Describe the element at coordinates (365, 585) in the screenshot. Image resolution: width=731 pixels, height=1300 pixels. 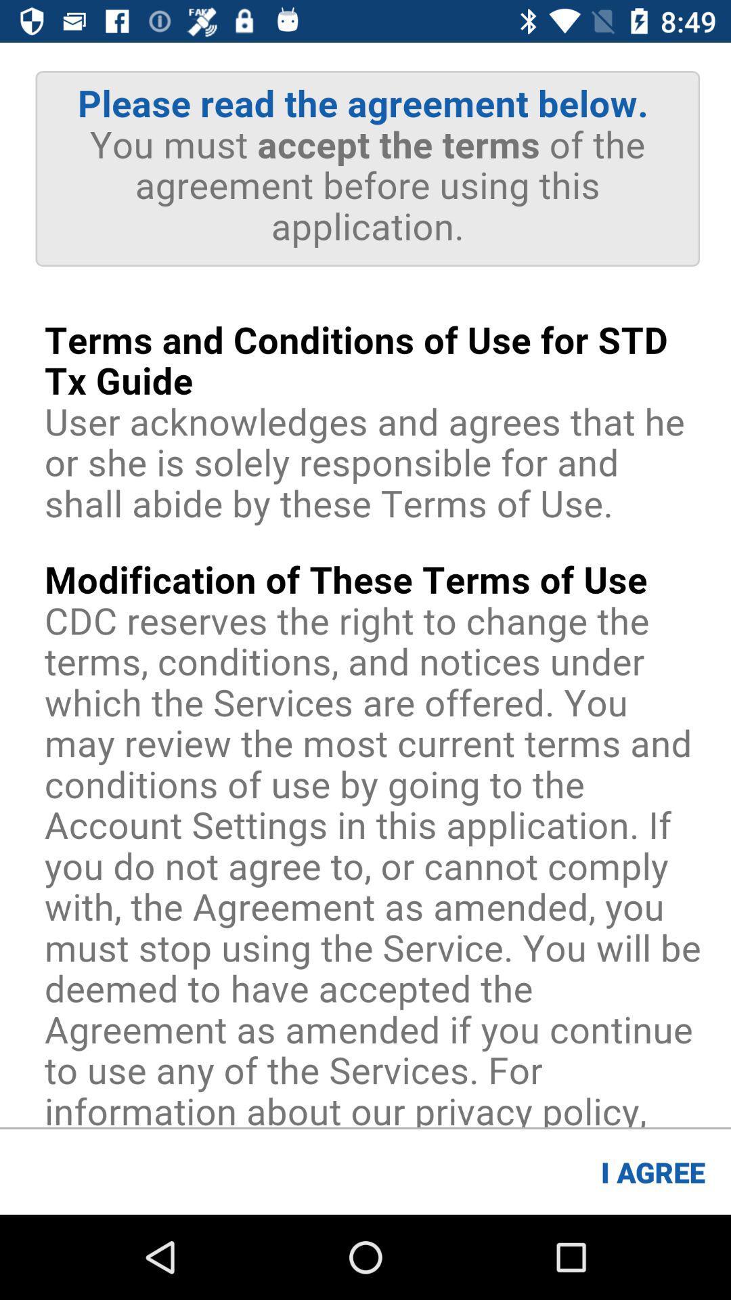
I see `see they image` at that location.